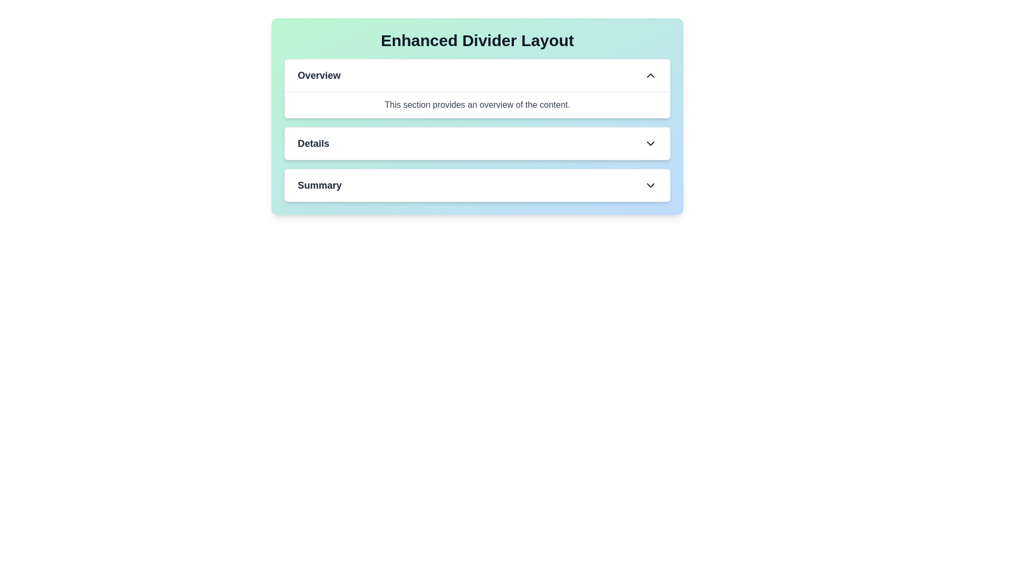 The width and height of the screenshot is (1030, 579). Describe the element at coordinates (650, 185) in the screenshot. I see `the chevron-down icon located on the far right of the 'Summary' section` at that location.